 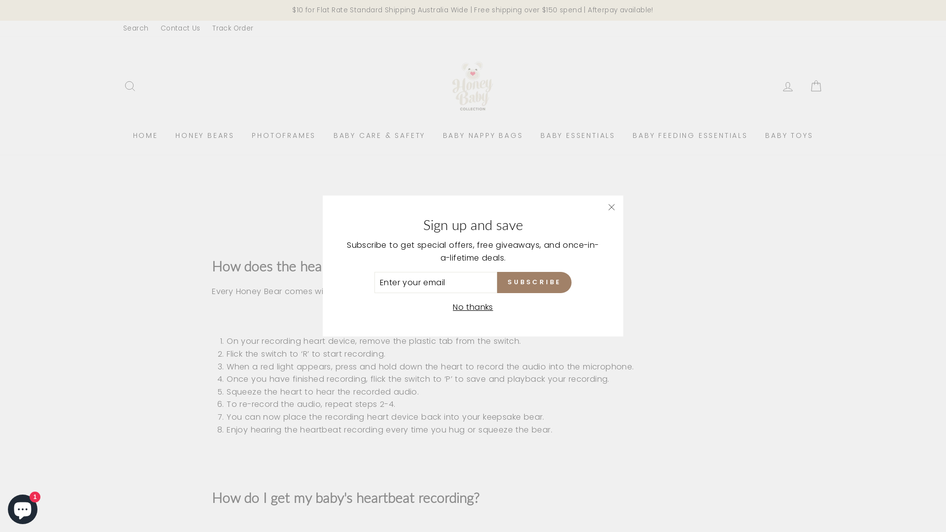 I want to click on 'No thanks', so click(x=473, y=307).